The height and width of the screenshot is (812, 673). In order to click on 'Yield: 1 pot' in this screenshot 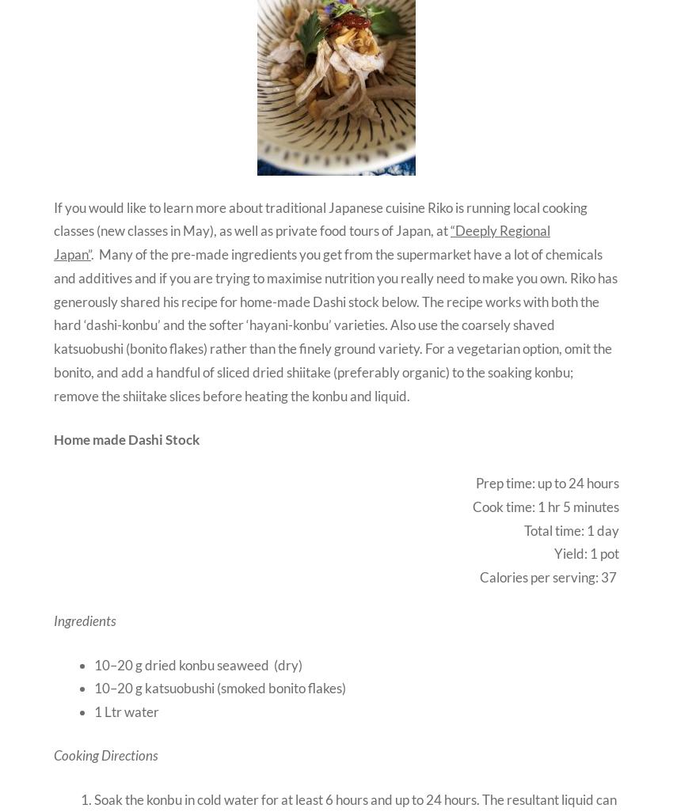, I will do `click(587, 552)`.